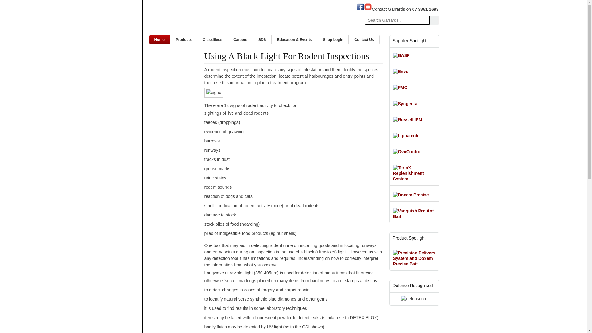 This screenshot has width=592, height=333. I want to click on 'Precision Delivery System and Doxem Precise Bait', so click(414, 264).